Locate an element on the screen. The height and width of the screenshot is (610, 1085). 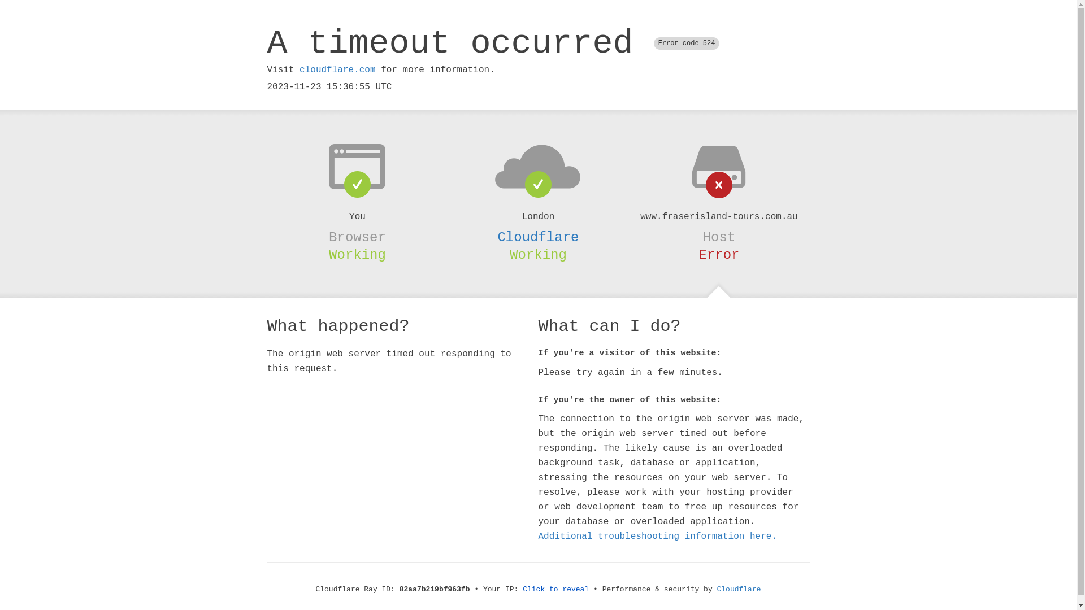
'cloudflare.com' is located at coordinates (336, 69).